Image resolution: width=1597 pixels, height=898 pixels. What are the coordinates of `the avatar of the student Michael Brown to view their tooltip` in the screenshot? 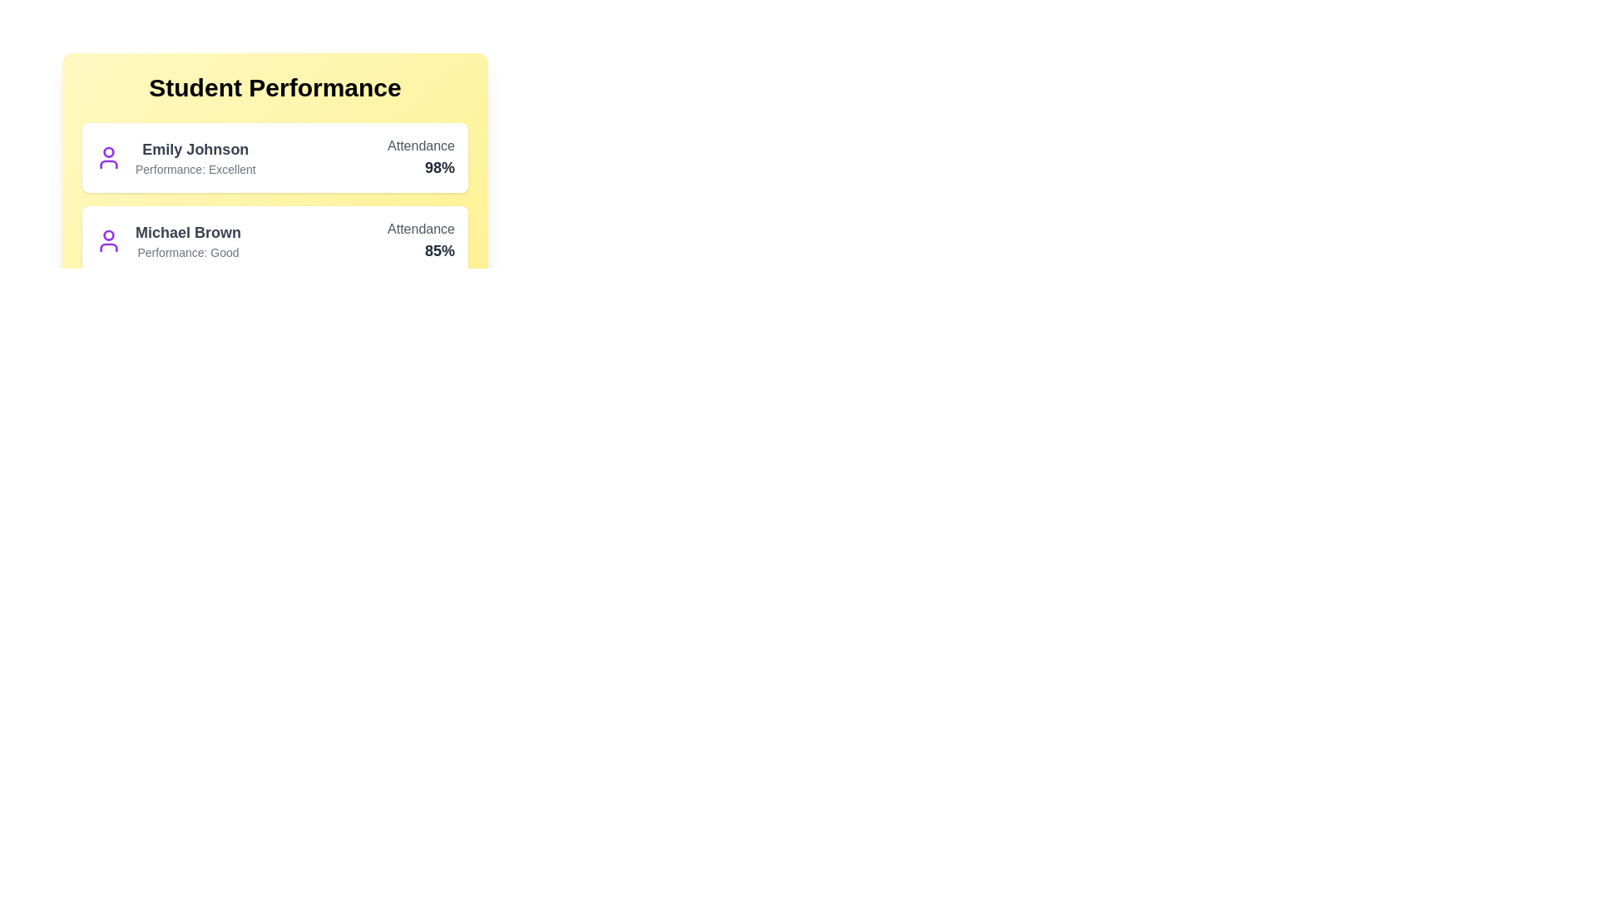 It's located at (107, 240).